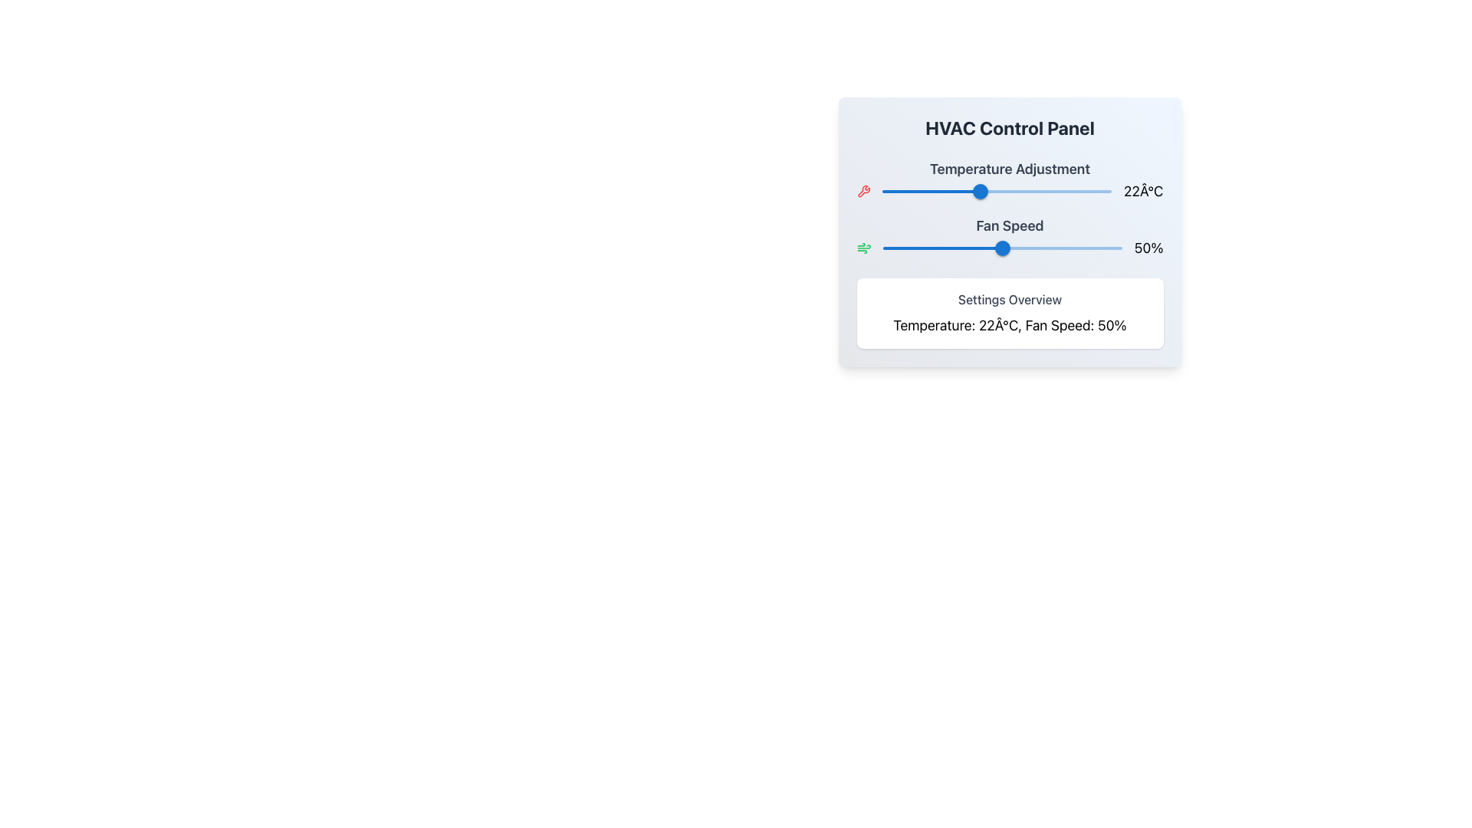 The width and height of the screenshot is (1472, 828). I want to click on fan speed, so click(997, 248).